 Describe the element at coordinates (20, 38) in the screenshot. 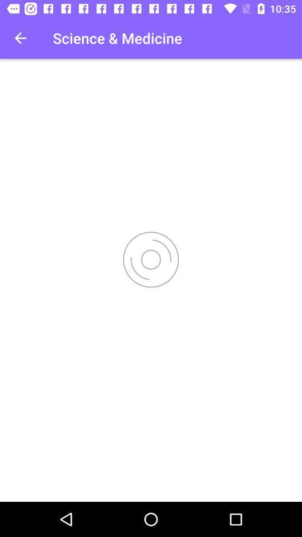

I see `the item to the left of science & medicine icon` at that location.